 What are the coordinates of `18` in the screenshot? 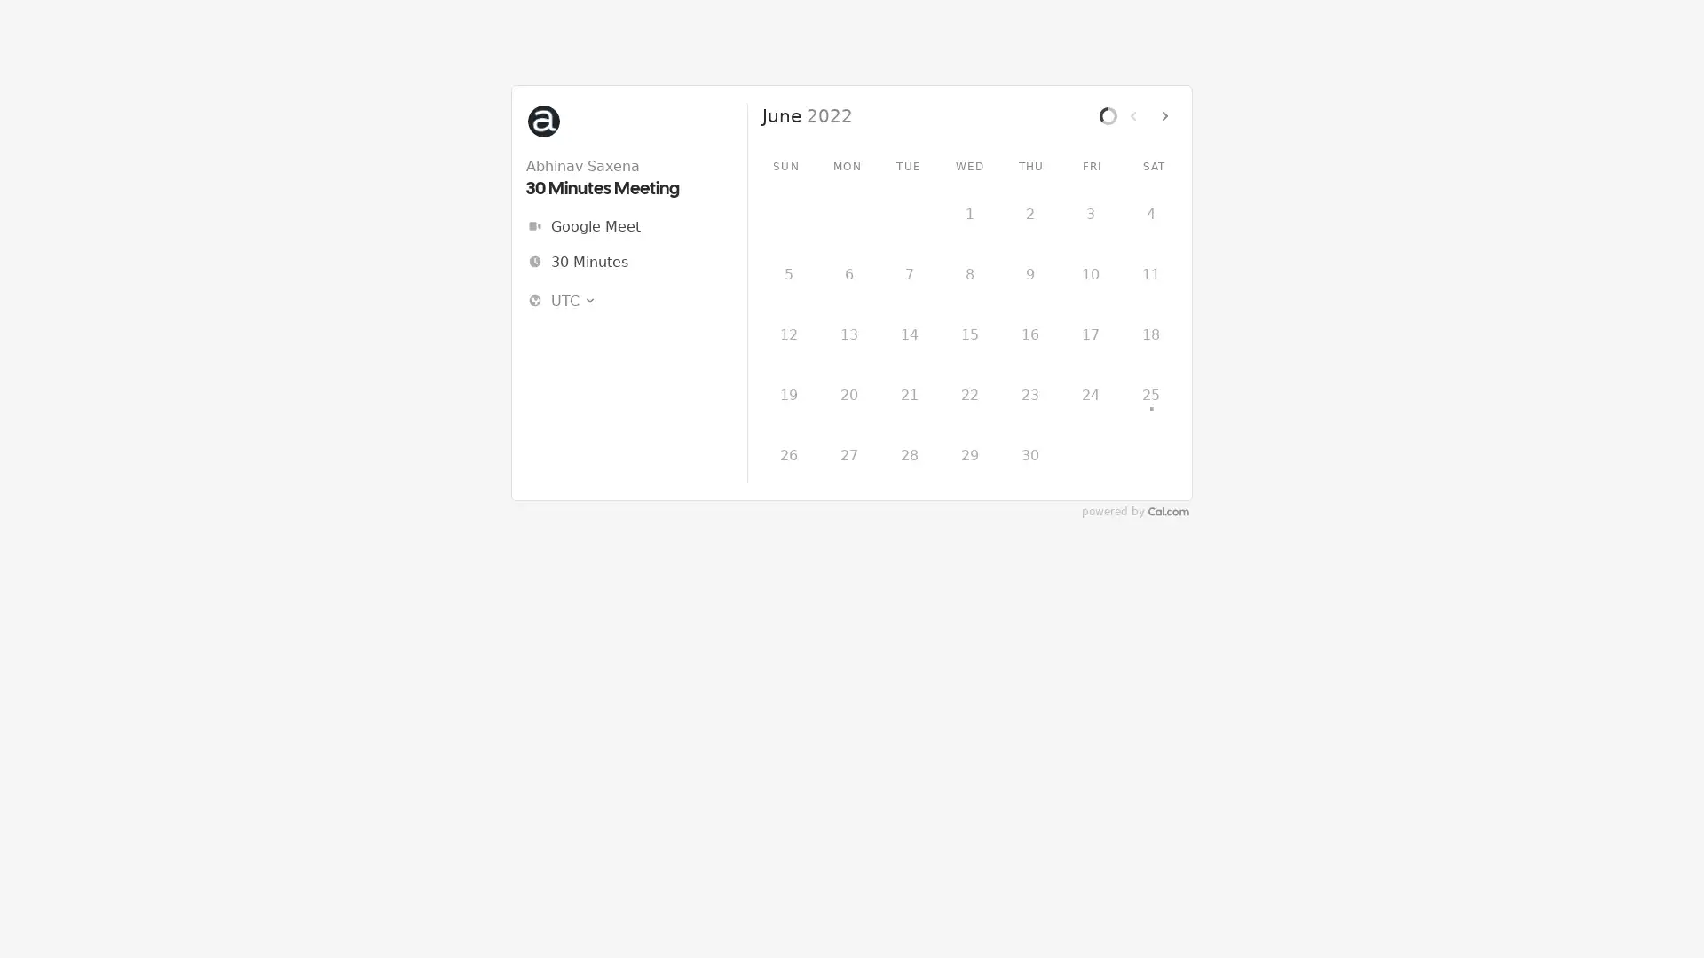 It's located at (1150, 334).